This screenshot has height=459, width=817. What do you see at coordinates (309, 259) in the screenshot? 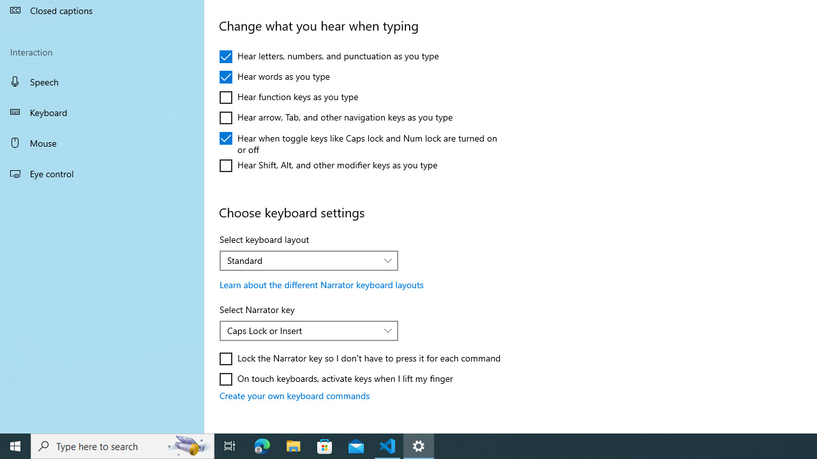
I see `'Select keyboard layout'` at bounding box center [309, 259].